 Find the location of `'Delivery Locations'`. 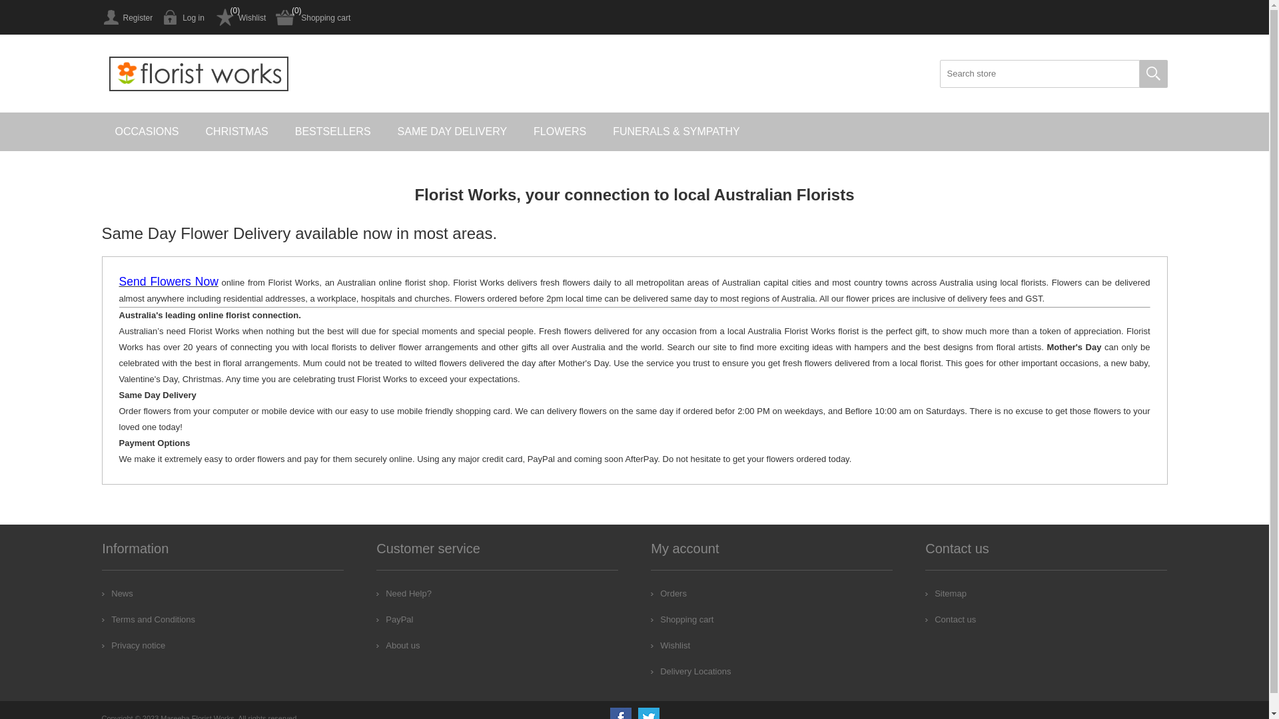

'Delivery Locations' is located at coordinates (651, 671).